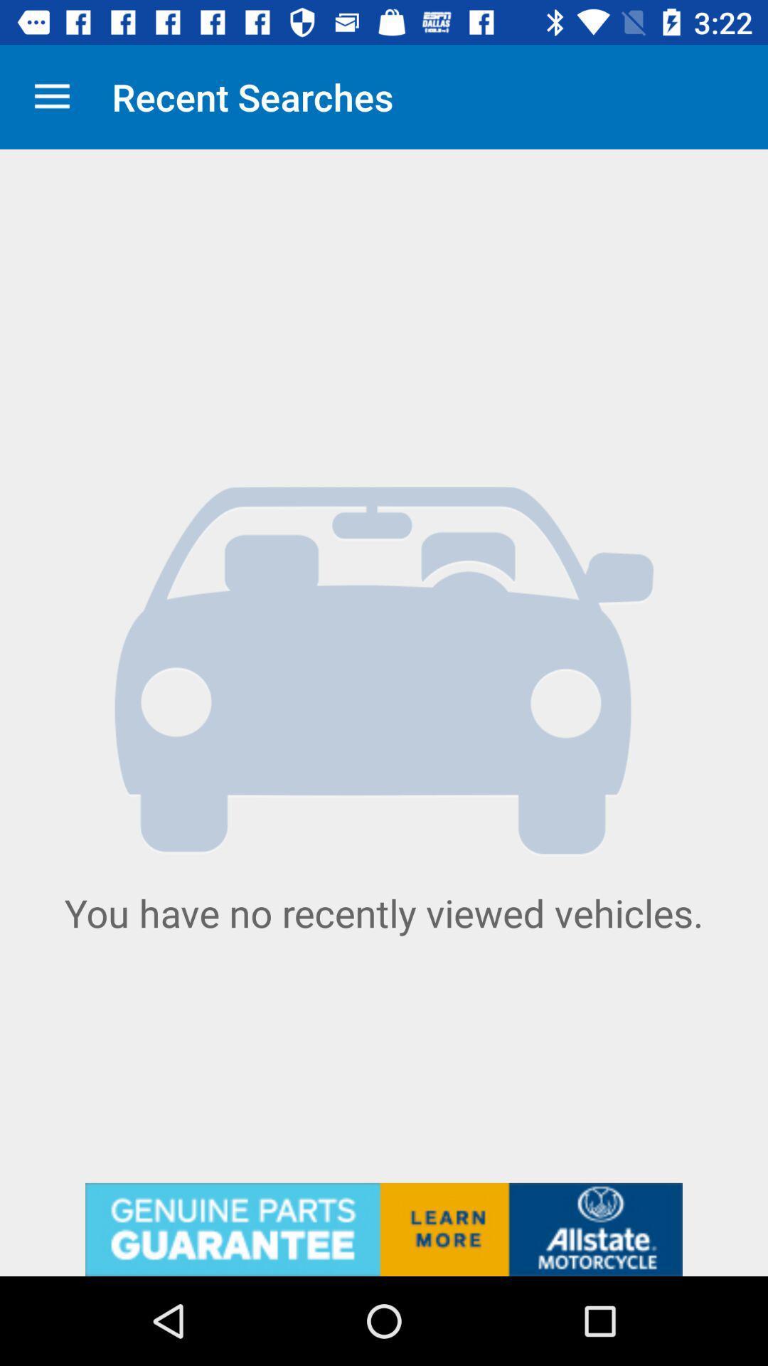 The image size is (768, 1366). What do you see at coordinates (384, 1229) in the screenshot?
I see `announcement` at bounding box center [384, 1229].